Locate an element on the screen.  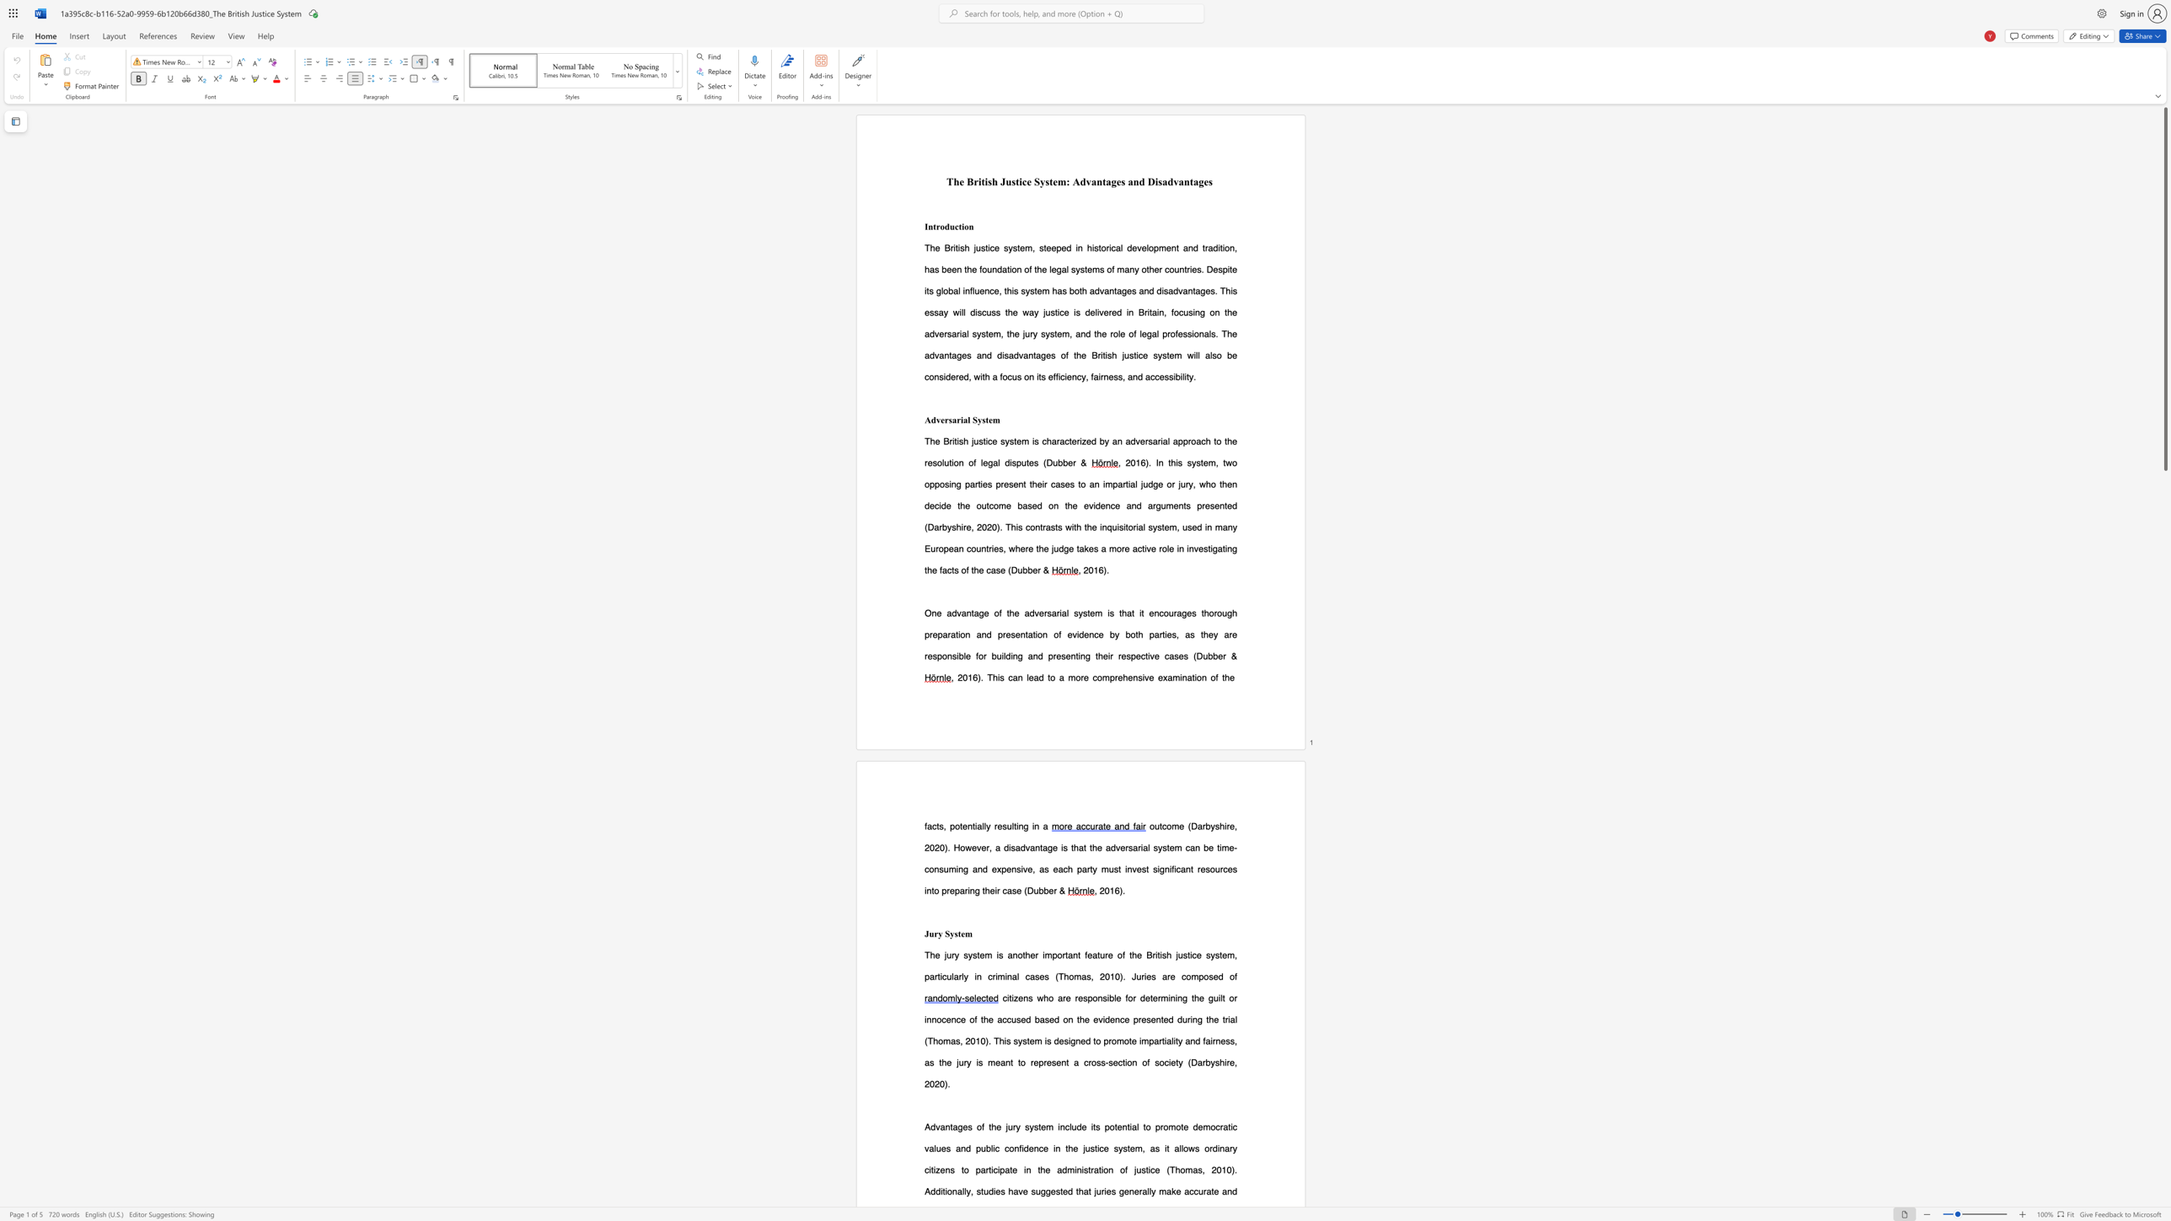
the 1th character "t" in the text is located at coordinates (958, 933).